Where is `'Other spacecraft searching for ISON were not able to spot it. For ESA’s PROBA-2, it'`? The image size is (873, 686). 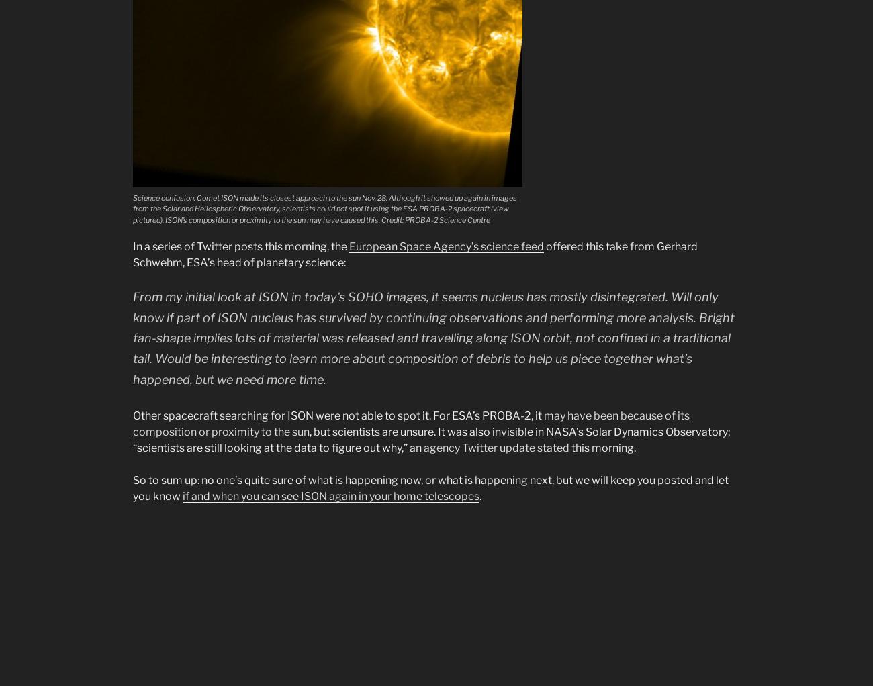 'Other spacecraft searching for ISON were not able to spot it. For ESA’s PROBA-2, it' is located at coordinates (338, 415).